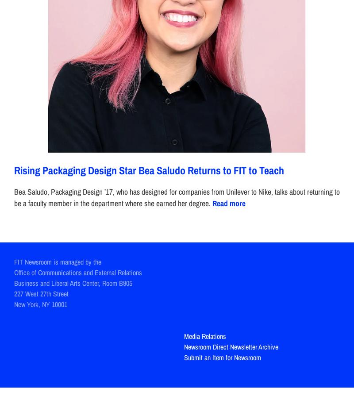  What do you see at coordinates (204, 336) in the screenshot?
I see `'Media Relations'` at bounding box center [204, 336].